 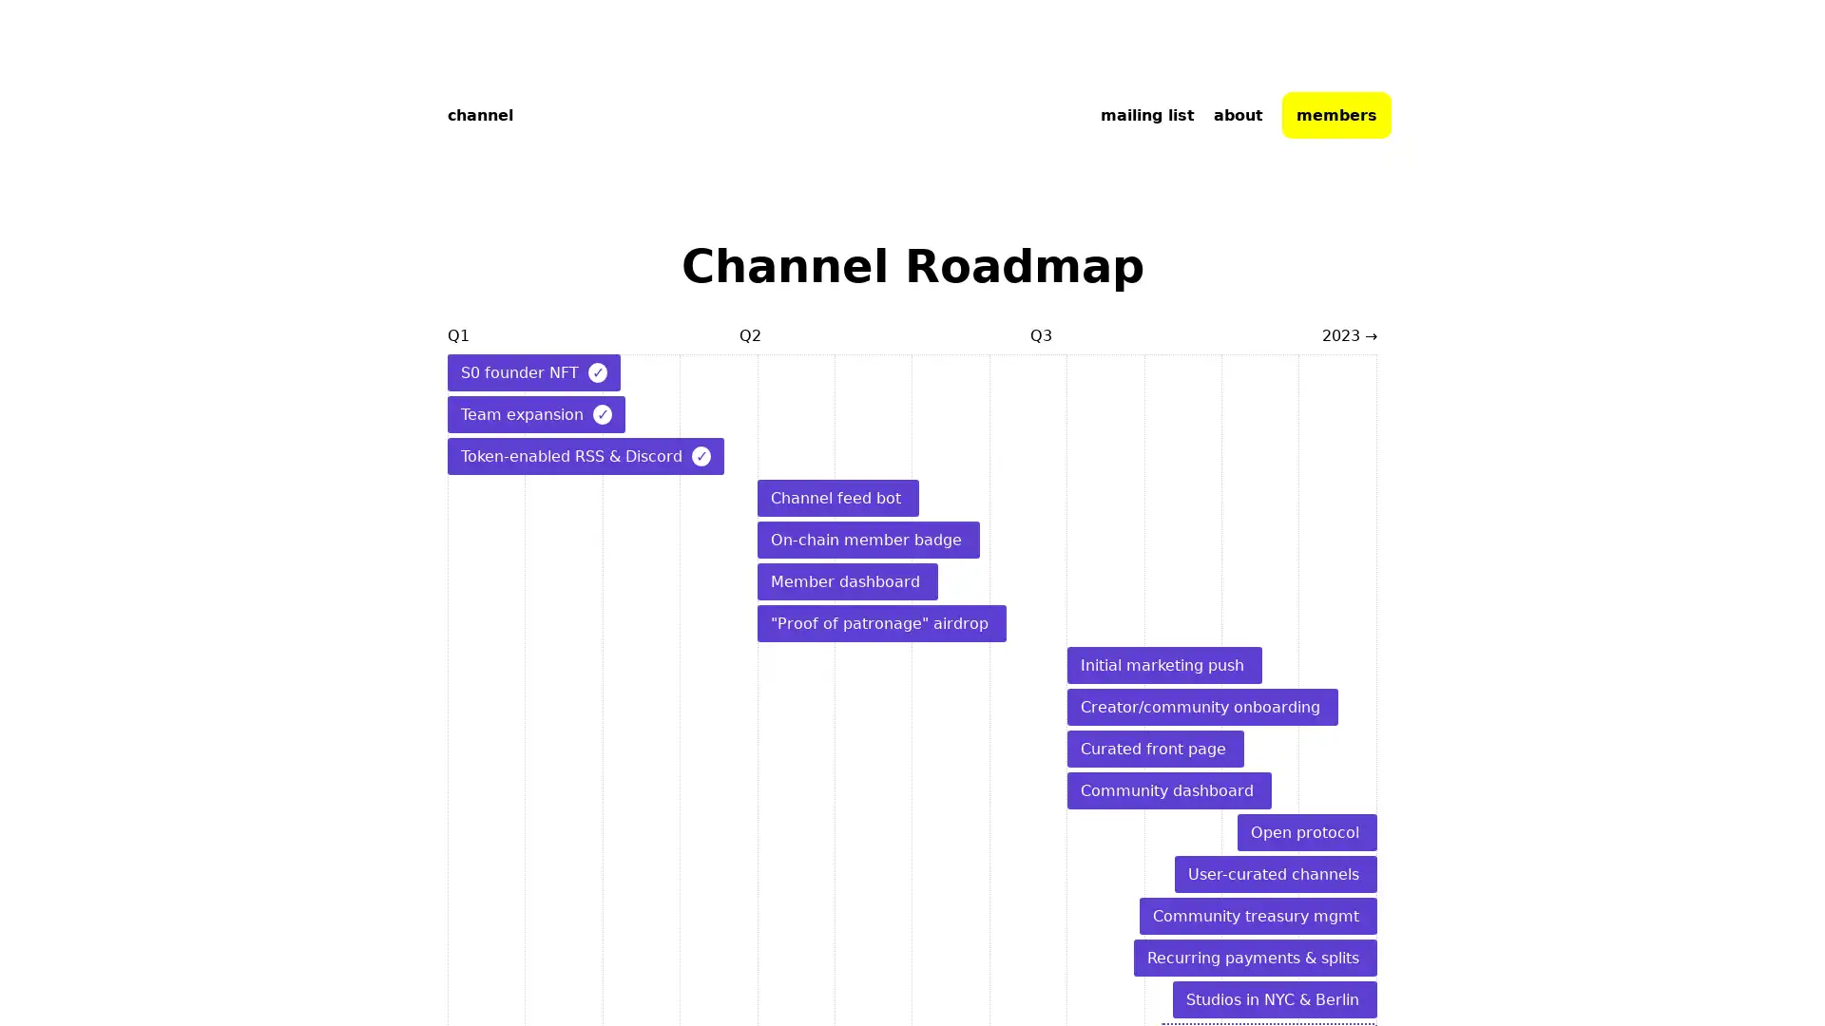 I want to click on mailing list, so click(x=1146, y=114).